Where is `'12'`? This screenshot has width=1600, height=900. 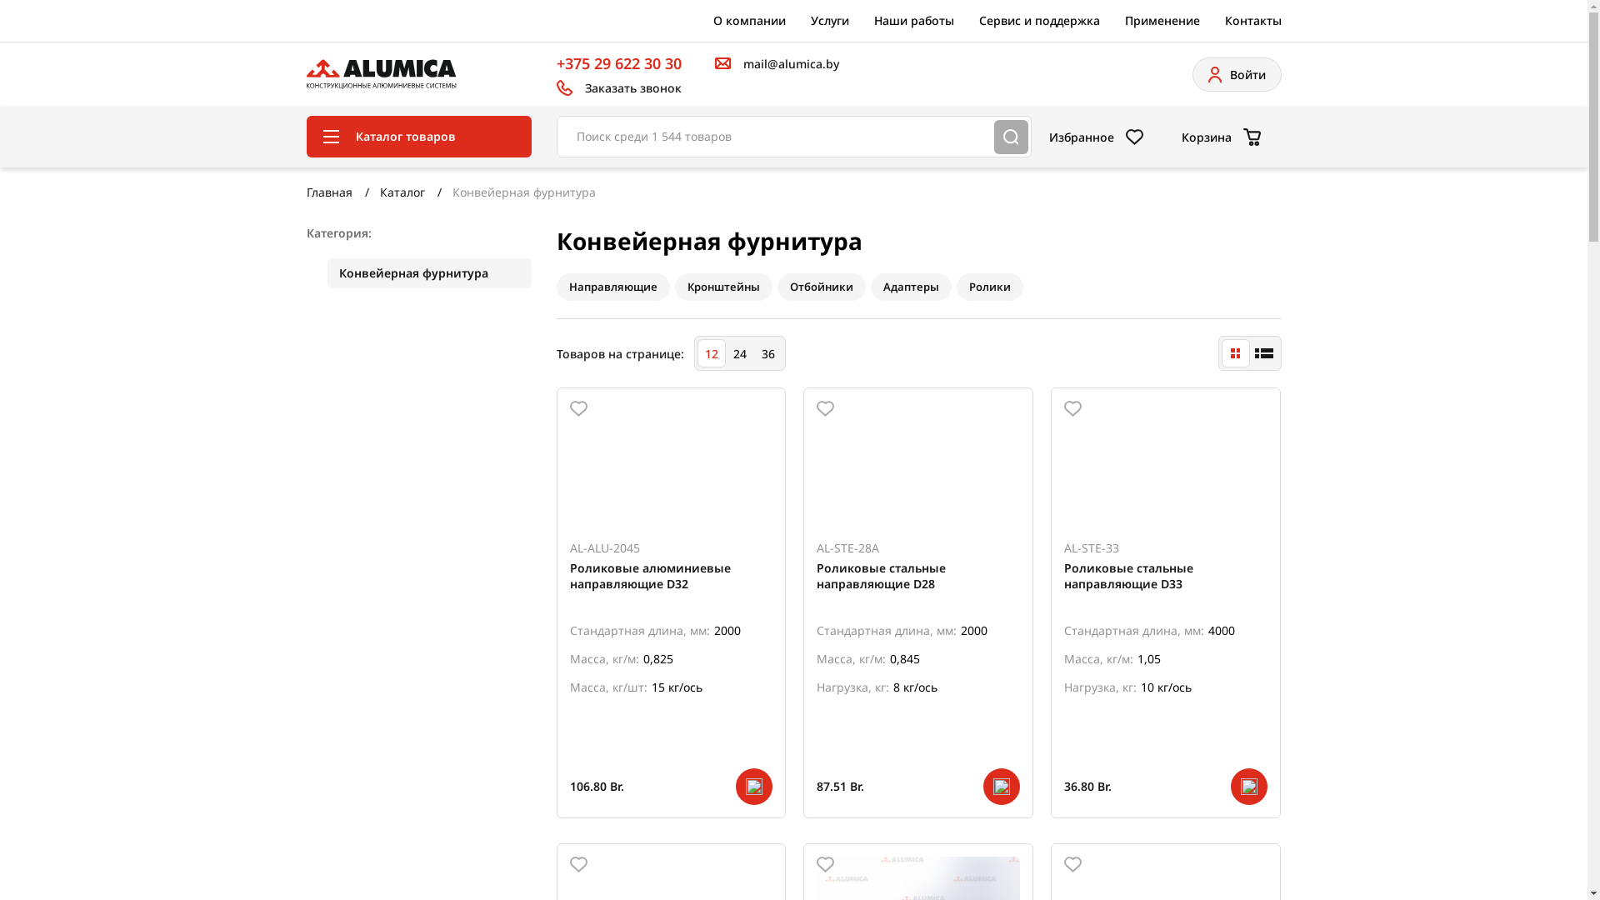
'12' is located at coordinates (711, 352).